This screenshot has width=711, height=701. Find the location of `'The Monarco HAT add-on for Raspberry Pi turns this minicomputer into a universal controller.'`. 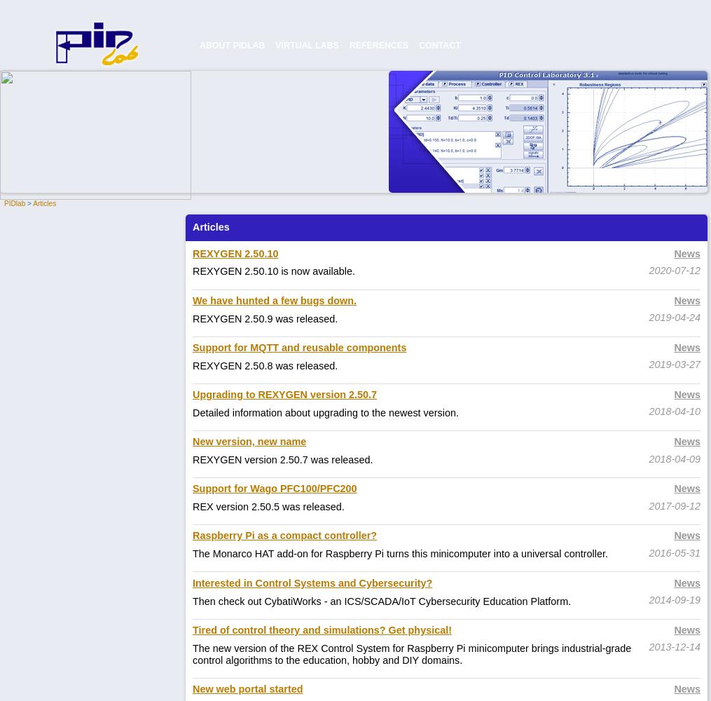

'The Monarco HAT add-on for Raspberry Pi turns this minicomputer into a universal controller.' is located at coordinates (400, 554).